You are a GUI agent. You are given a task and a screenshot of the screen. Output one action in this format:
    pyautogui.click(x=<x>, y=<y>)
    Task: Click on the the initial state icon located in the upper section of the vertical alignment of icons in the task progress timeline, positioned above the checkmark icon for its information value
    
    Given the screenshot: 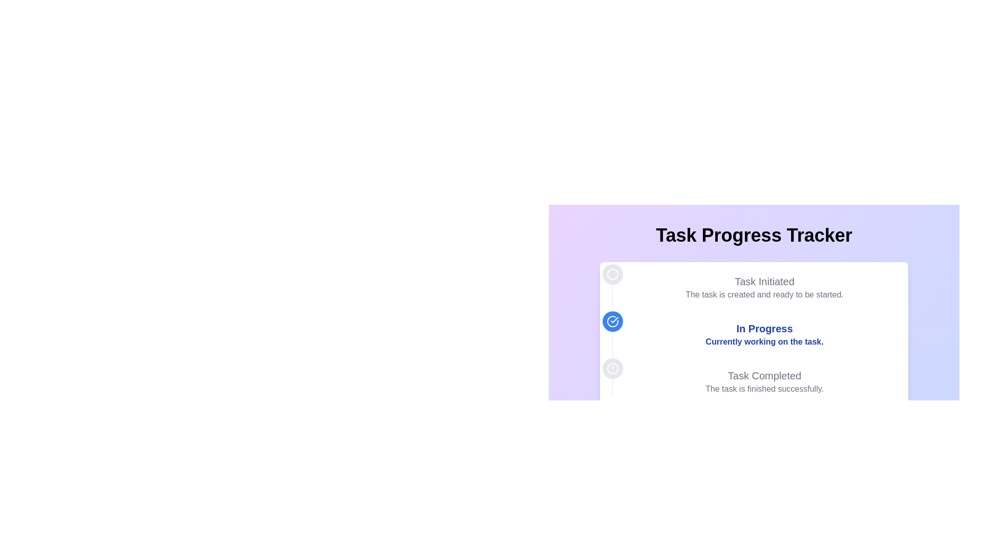 What is the action you would take?
    pyautogui.click(x=613, y=274)
    